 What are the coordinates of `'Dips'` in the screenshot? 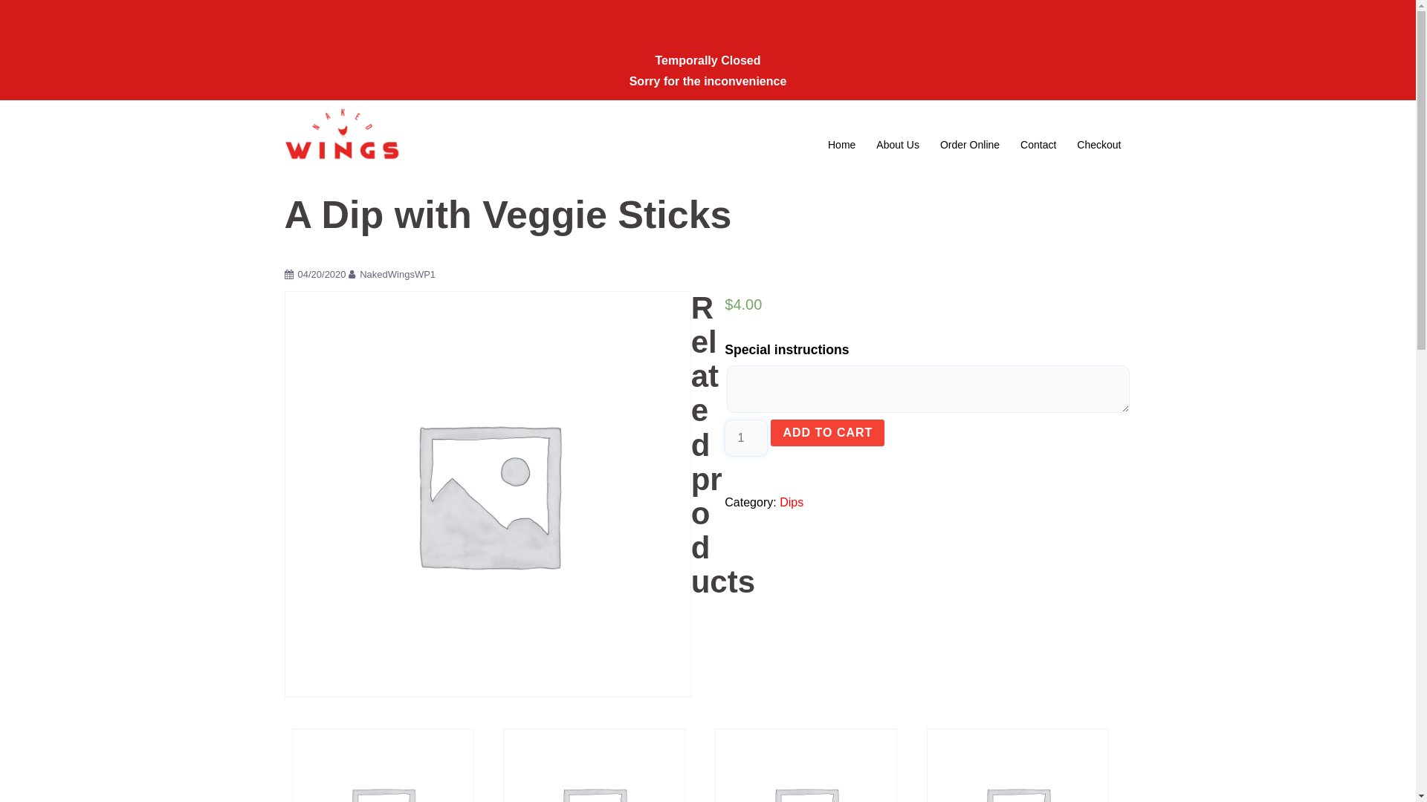 It's located at (791, 501).